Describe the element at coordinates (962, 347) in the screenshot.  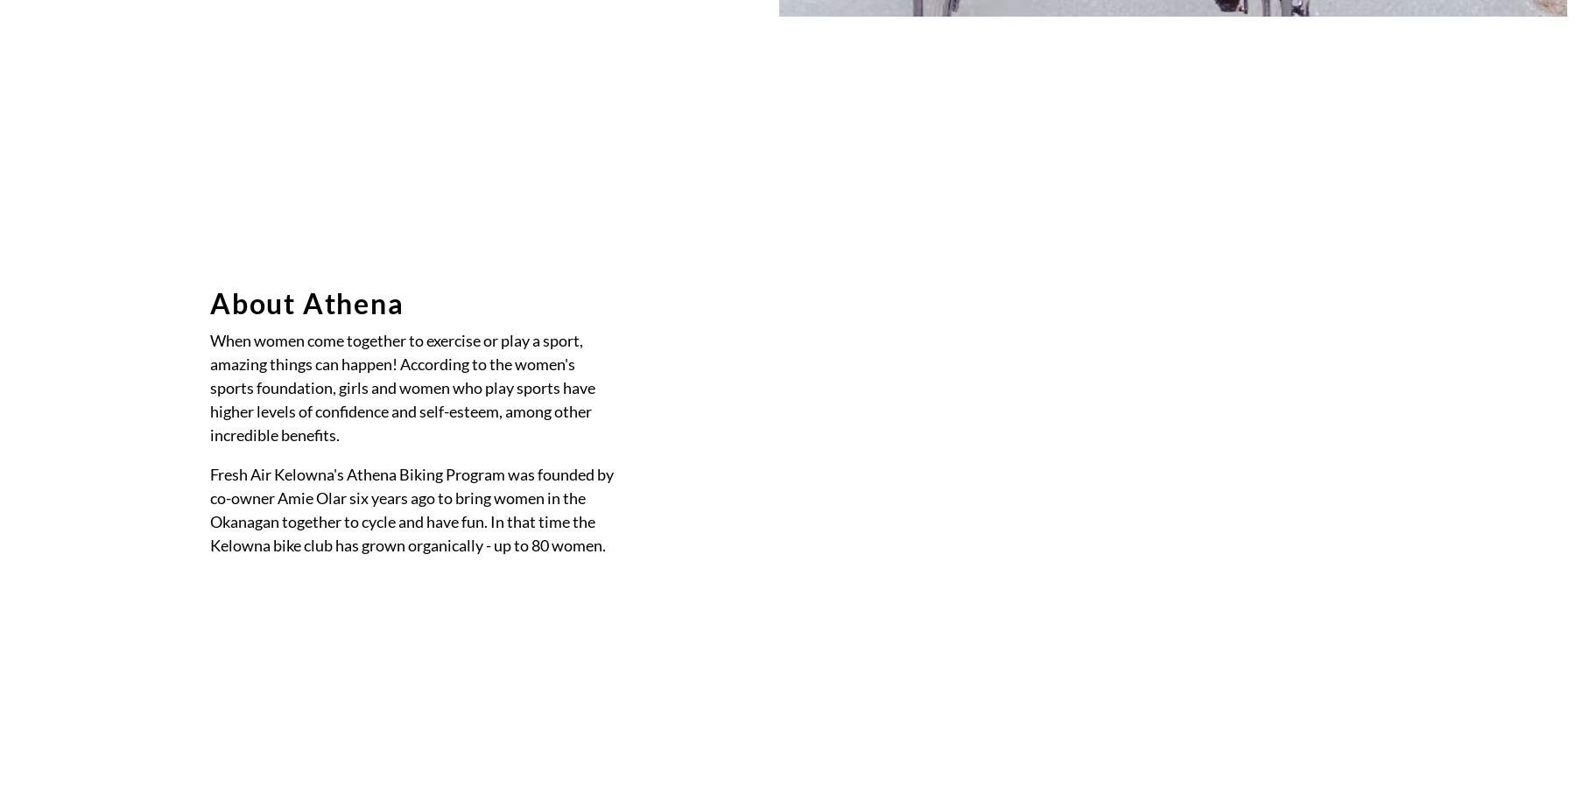
I see `'Returns & Warranties'` at that location.